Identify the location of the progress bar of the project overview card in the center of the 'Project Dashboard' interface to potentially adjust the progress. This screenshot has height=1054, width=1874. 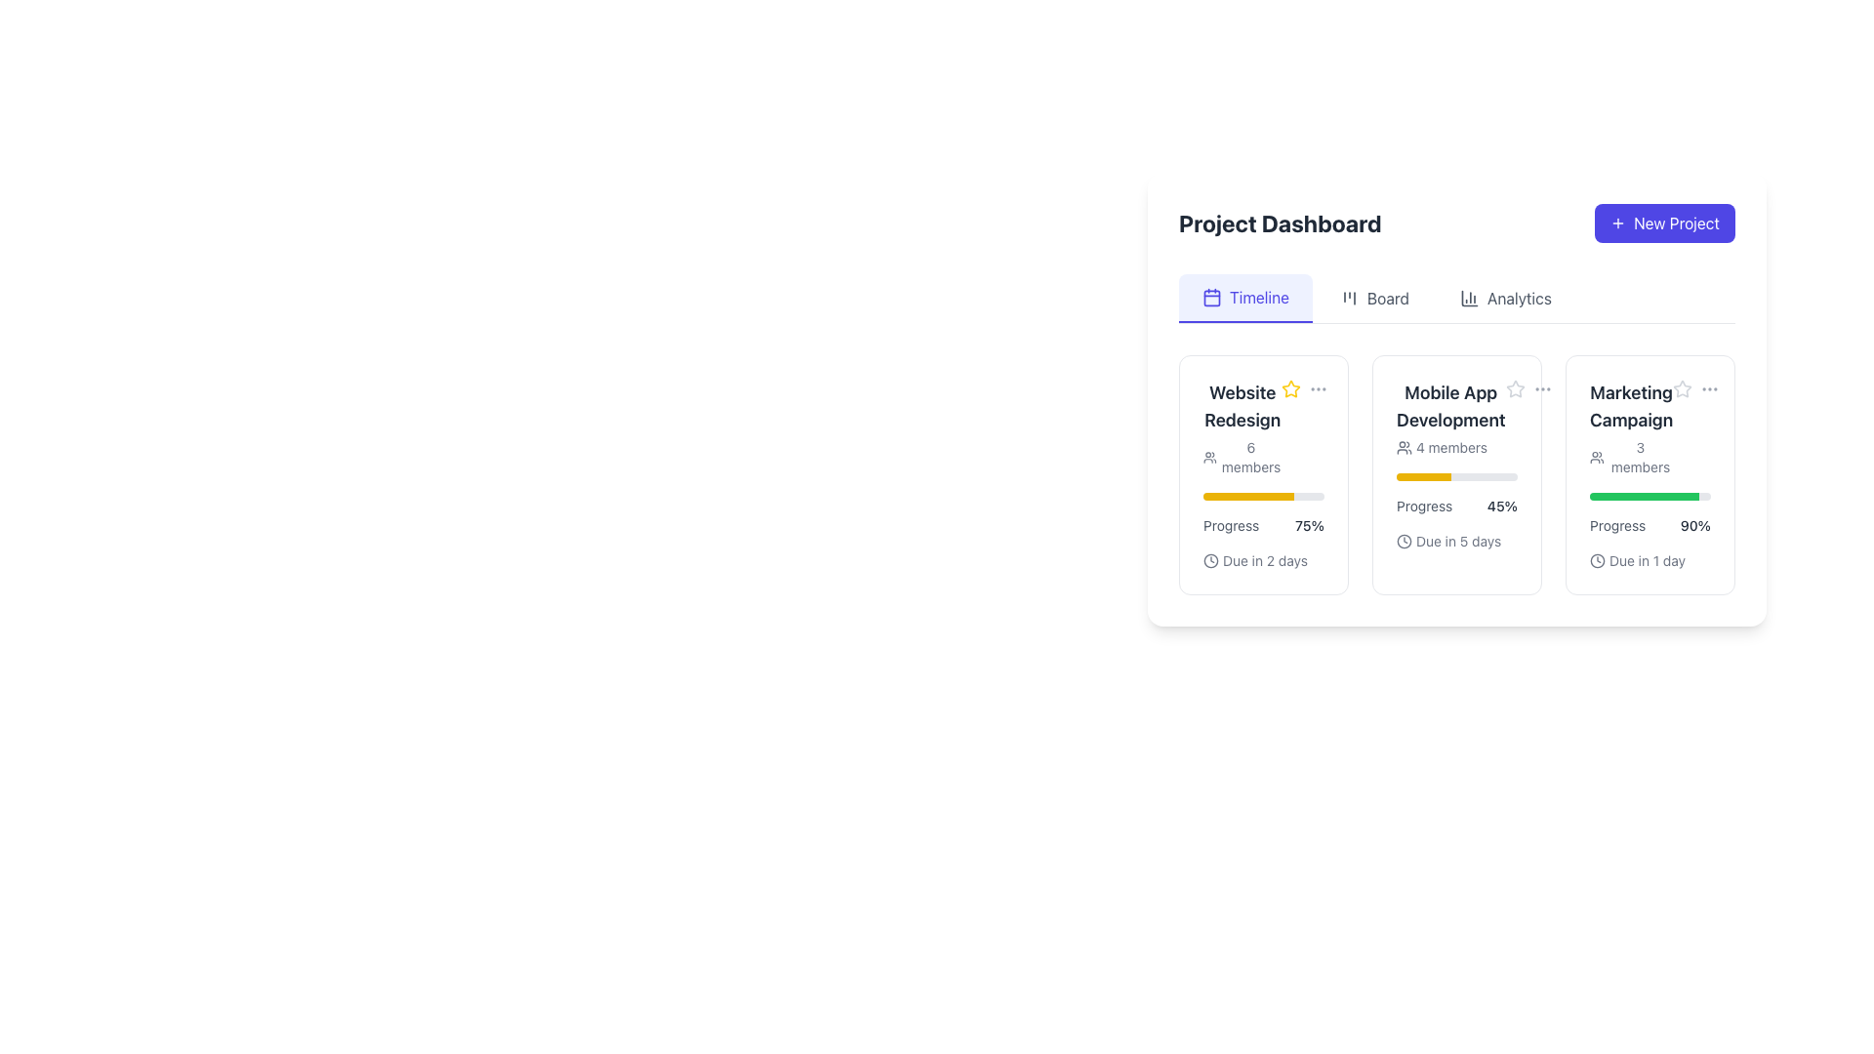
(1456, 474).